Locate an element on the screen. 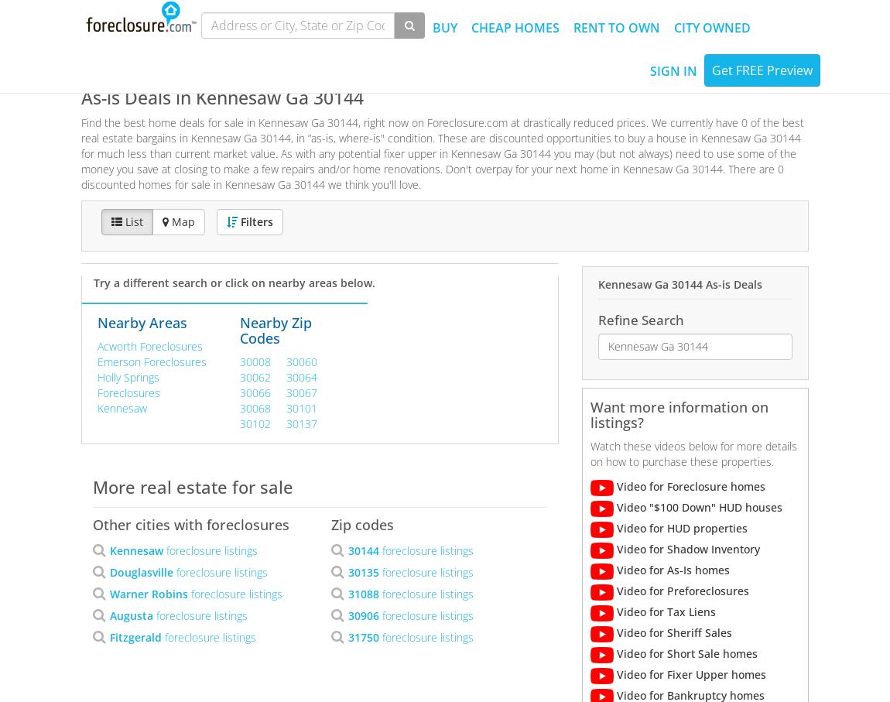 The image size is (890, 702). 'Buy' is located at coordinates (445, 27).